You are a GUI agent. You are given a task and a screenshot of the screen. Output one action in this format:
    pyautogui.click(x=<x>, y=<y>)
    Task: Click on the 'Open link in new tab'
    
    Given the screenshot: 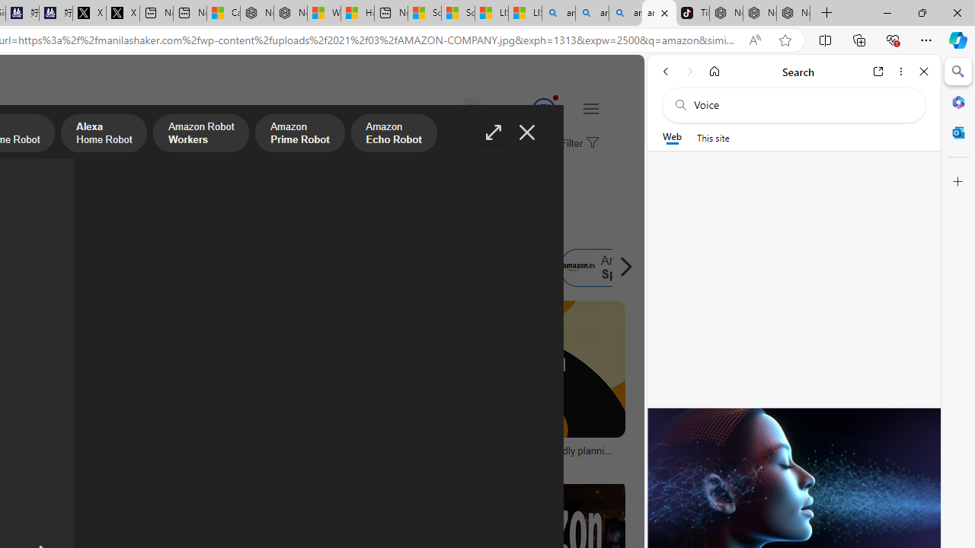 What is the action you would take?
    pyautogui.click(x=878, y=71)
    